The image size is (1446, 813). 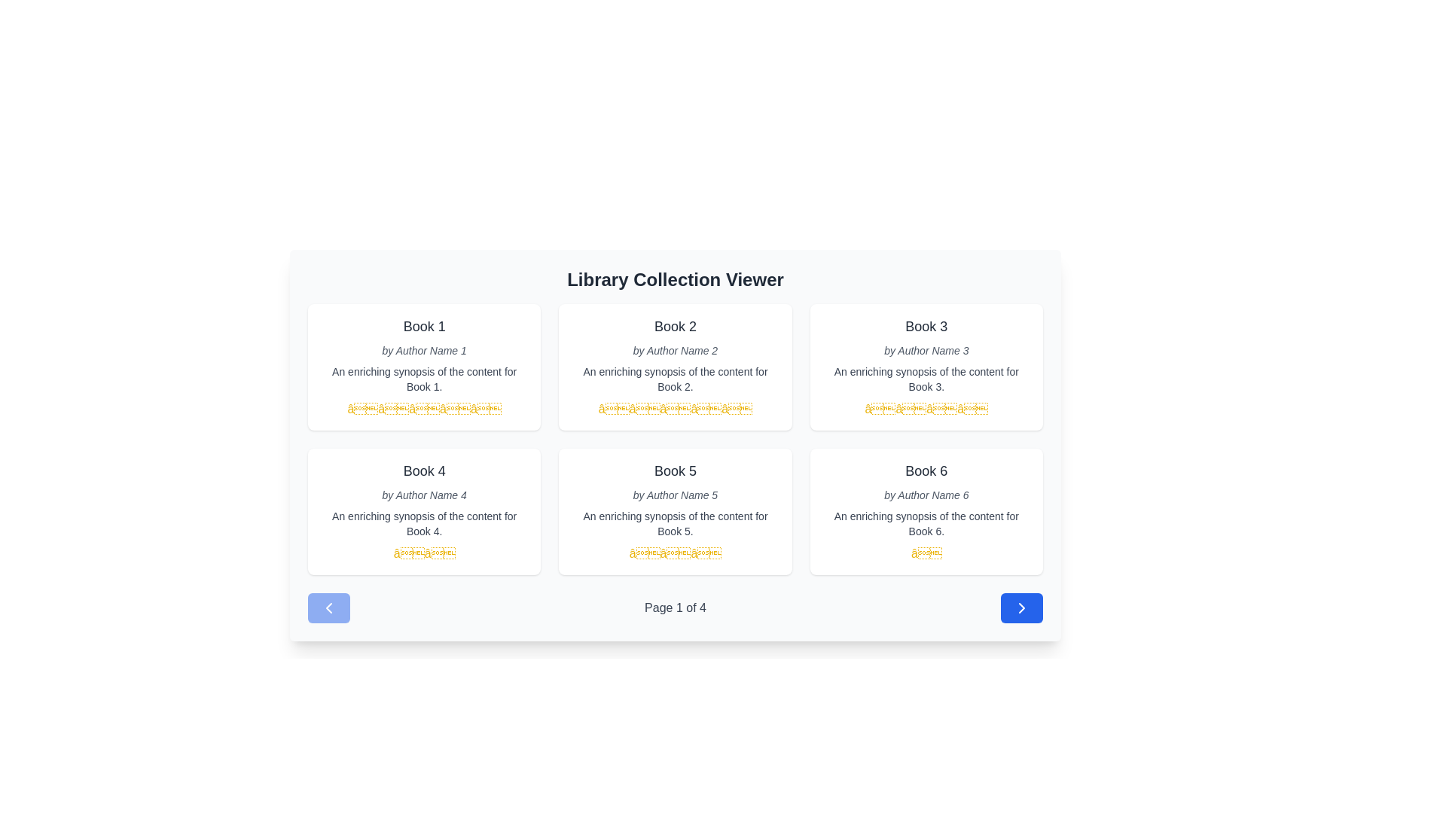 I want to click on the title text of a book in the collection viewer, which is located at the top of a card in the second column of the top row, below the header 'Library Collection Viewer.', so click(x=675, y=326).